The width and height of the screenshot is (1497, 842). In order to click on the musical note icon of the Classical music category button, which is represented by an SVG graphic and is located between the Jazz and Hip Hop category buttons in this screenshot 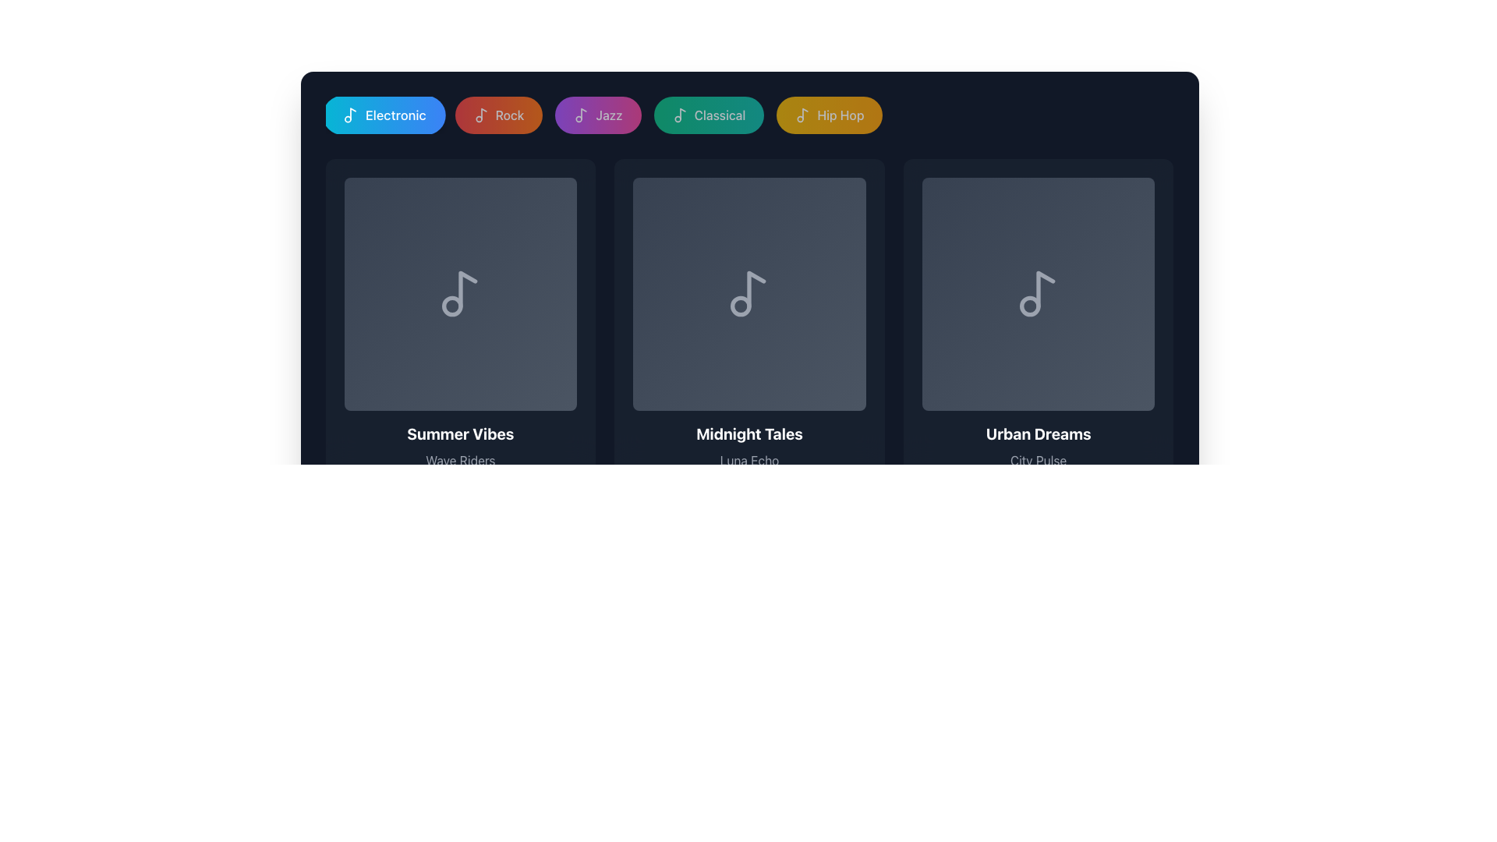, I will do `click(682, 113)`.